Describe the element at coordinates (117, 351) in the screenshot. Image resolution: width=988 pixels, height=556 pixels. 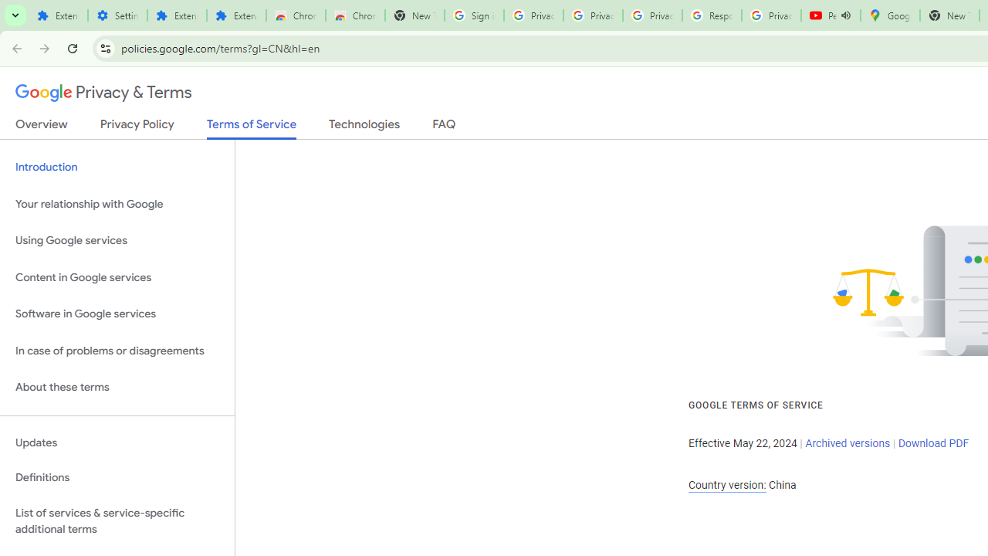
I see `'In case of problems or disagreements'` at that location.